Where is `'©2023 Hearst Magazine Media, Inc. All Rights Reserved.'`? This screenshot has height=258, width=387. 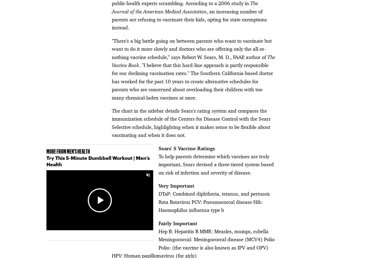
'©2023 Hearst Magazine Media, Inc. All Rights Reserved.' is located at coordinates (95, 245).